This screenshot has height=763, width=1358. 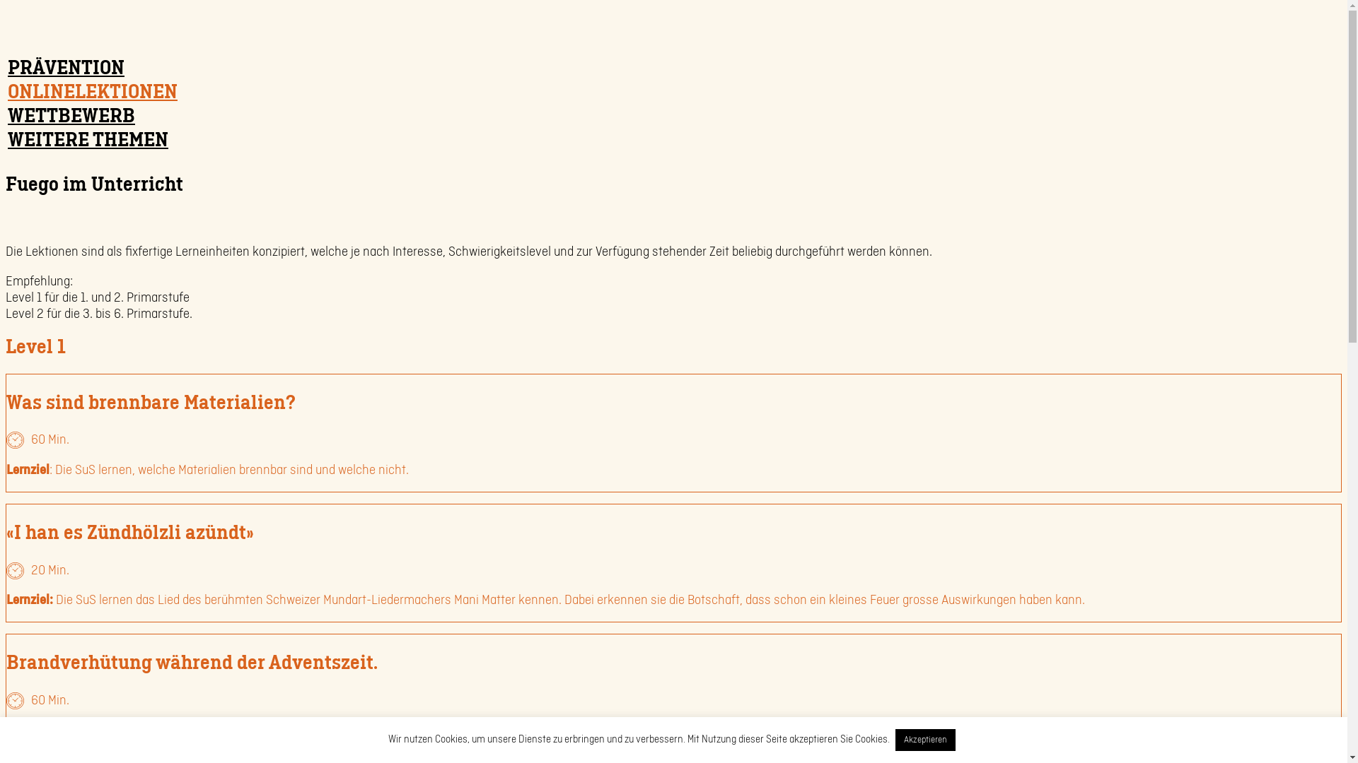 I want to click on 'WETTBEWERB', so click(x=70, y=114).